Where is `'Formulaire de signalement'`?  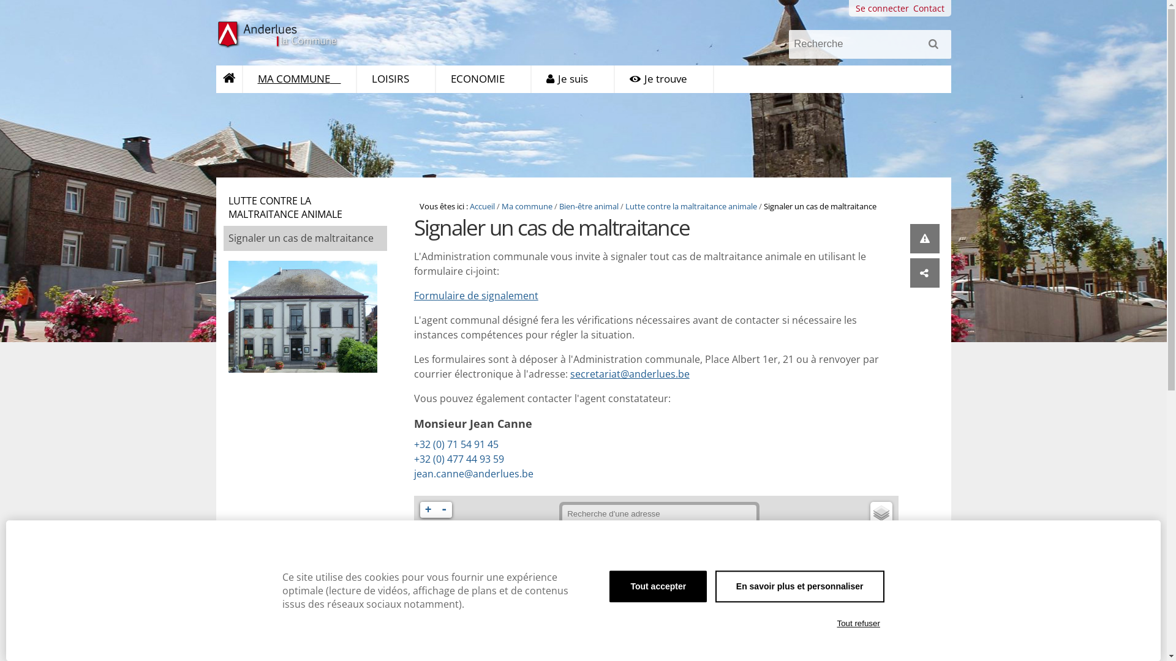
'Formulaire de signalement' is located at coordinates (475, 295).